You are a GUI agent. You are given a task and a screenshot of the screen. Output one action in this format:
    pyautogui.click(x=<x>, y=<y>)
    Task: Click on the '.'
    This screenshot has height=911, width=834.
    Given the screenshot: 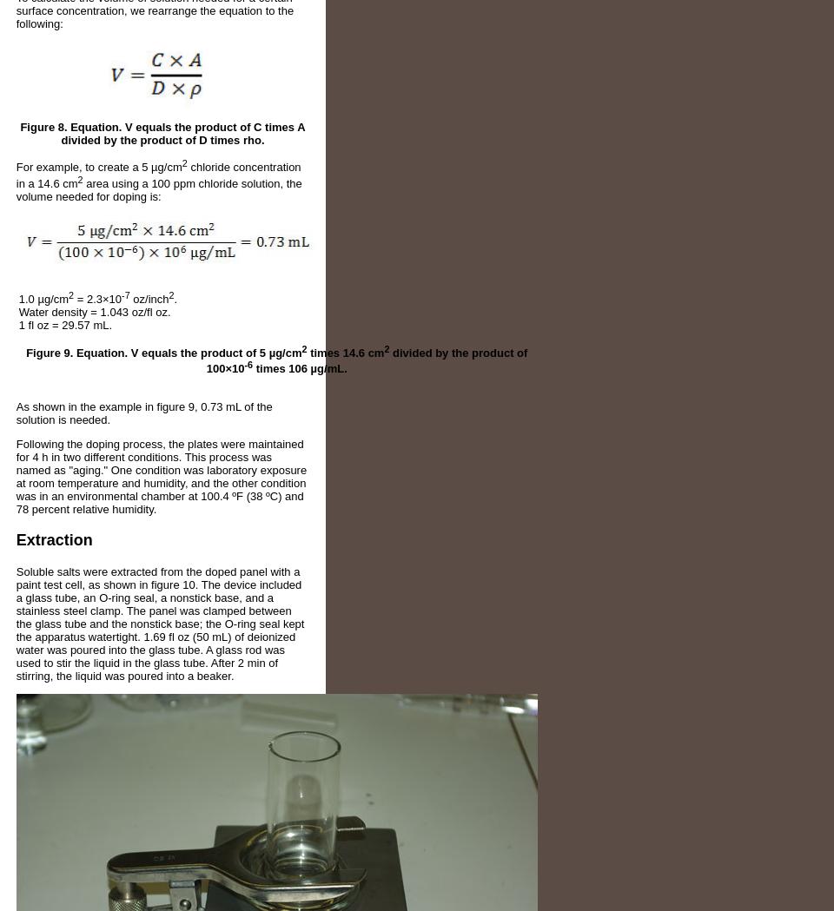 What is the action you would take?
    pyautogui.click(x=173, y=298)
    